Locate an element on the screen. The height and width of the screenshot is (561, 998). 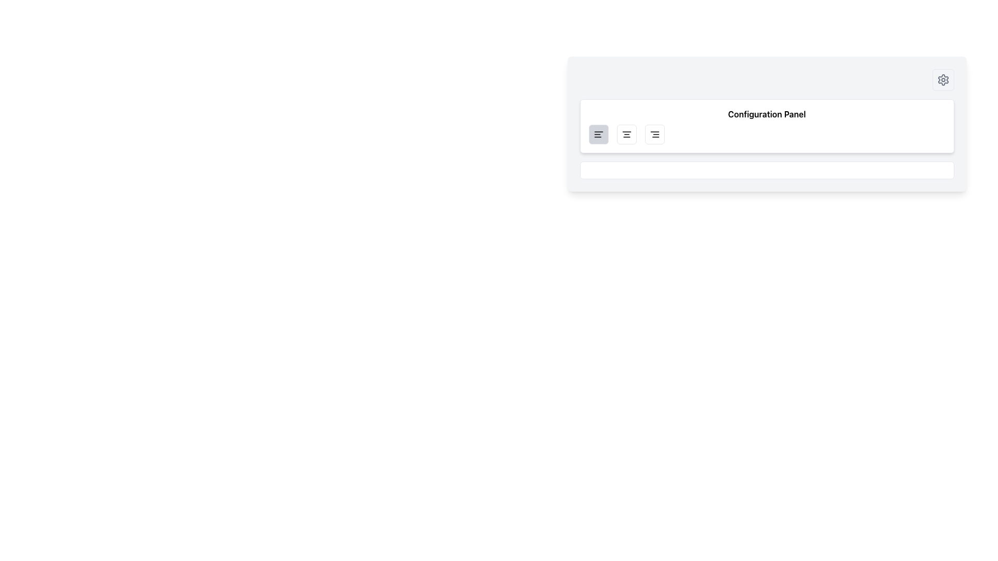
the gear-like icon located at the top-right corner of the configuration panel is located at coordinates (943, 79).